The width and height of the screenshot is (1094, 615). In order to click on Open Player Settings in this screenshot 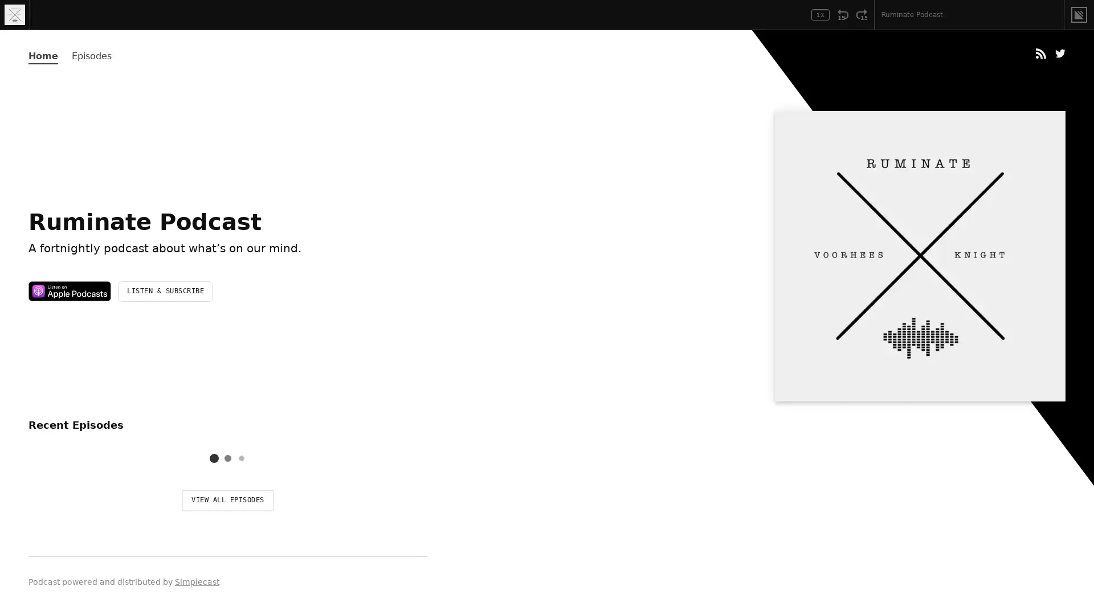, I will do `click(787, 15)`.